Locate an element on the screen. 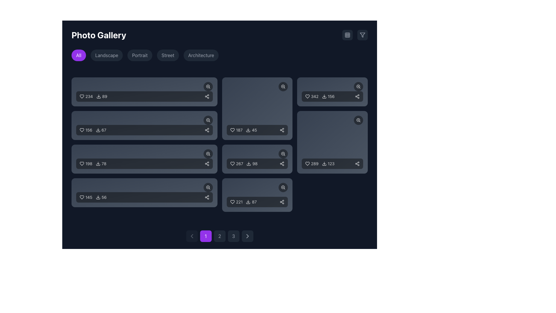 The image size is (556, 313). the first numeric button in the navigation panel at the bottom of the interface is located at coordinates (206, 236).